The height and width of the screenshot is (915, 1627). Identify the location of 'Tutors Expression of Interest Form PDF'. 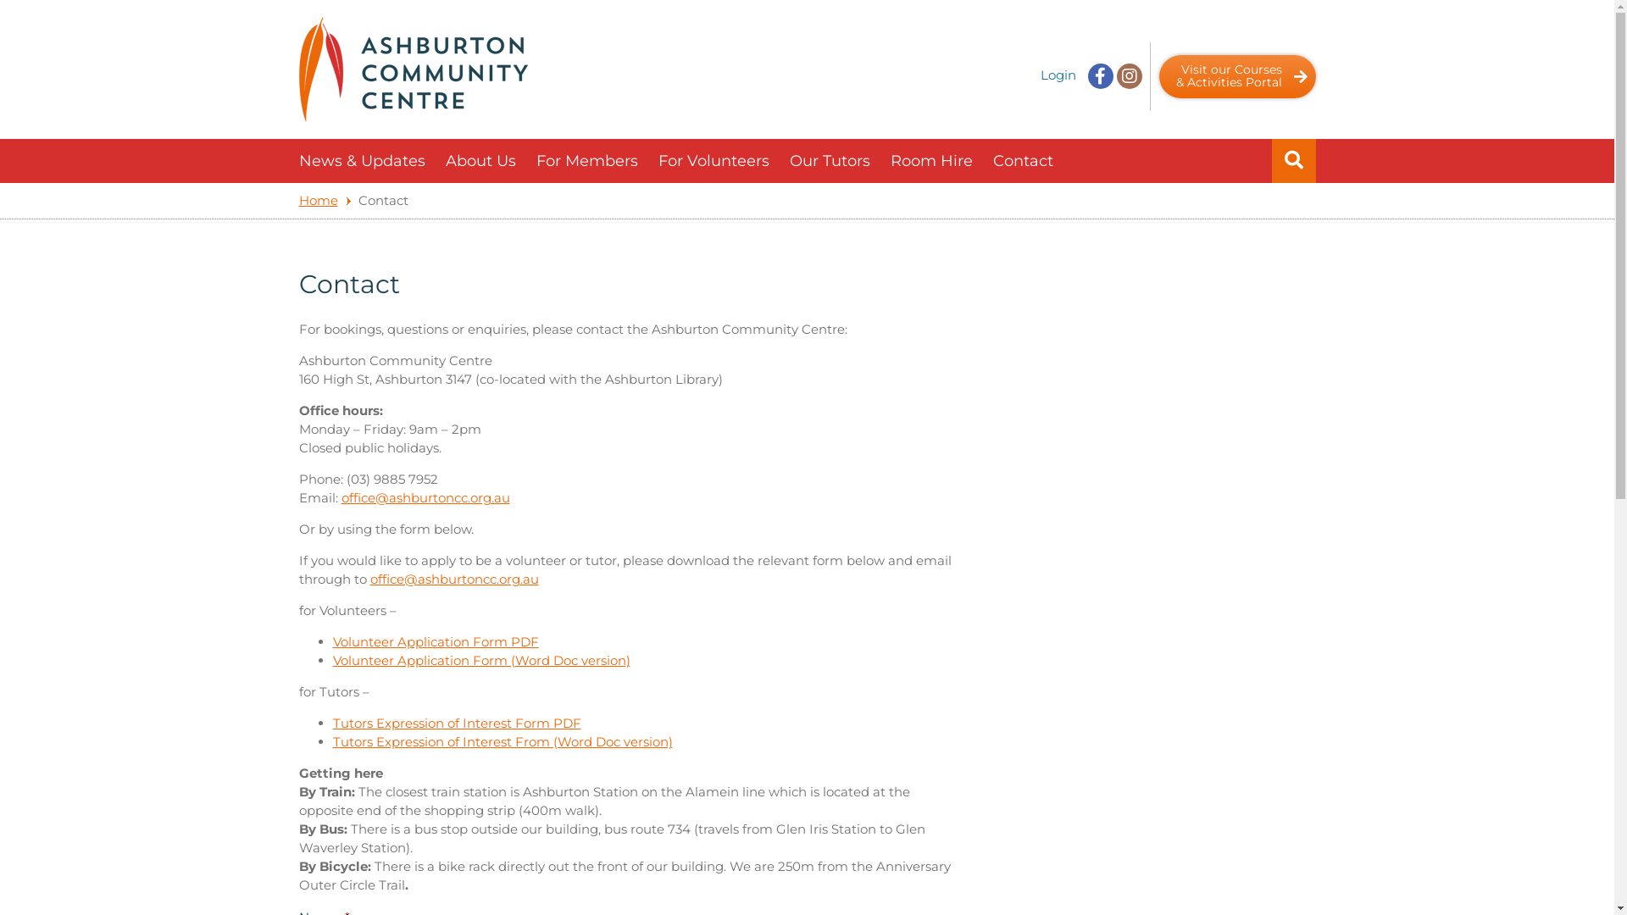
(456, 723).